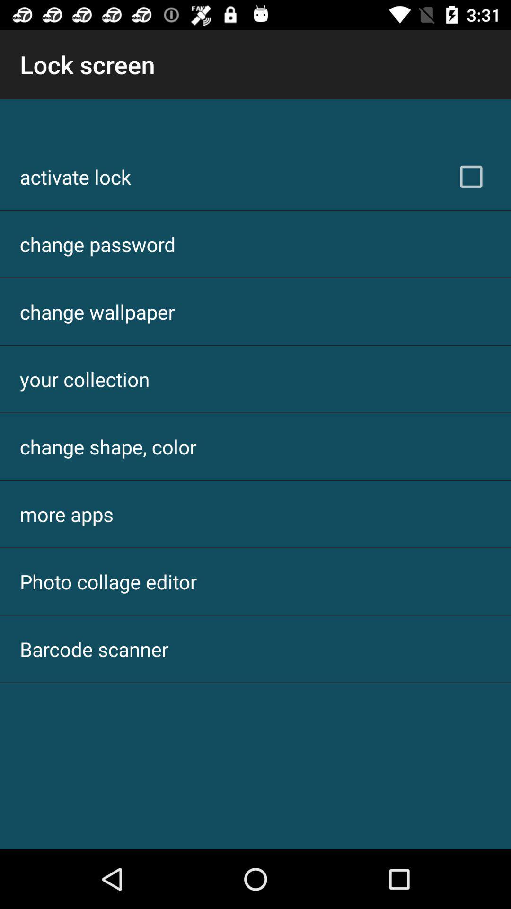  Describe the element at coordinates (94, 649) in the screenshot. I see `barcode scanner app` at that location.